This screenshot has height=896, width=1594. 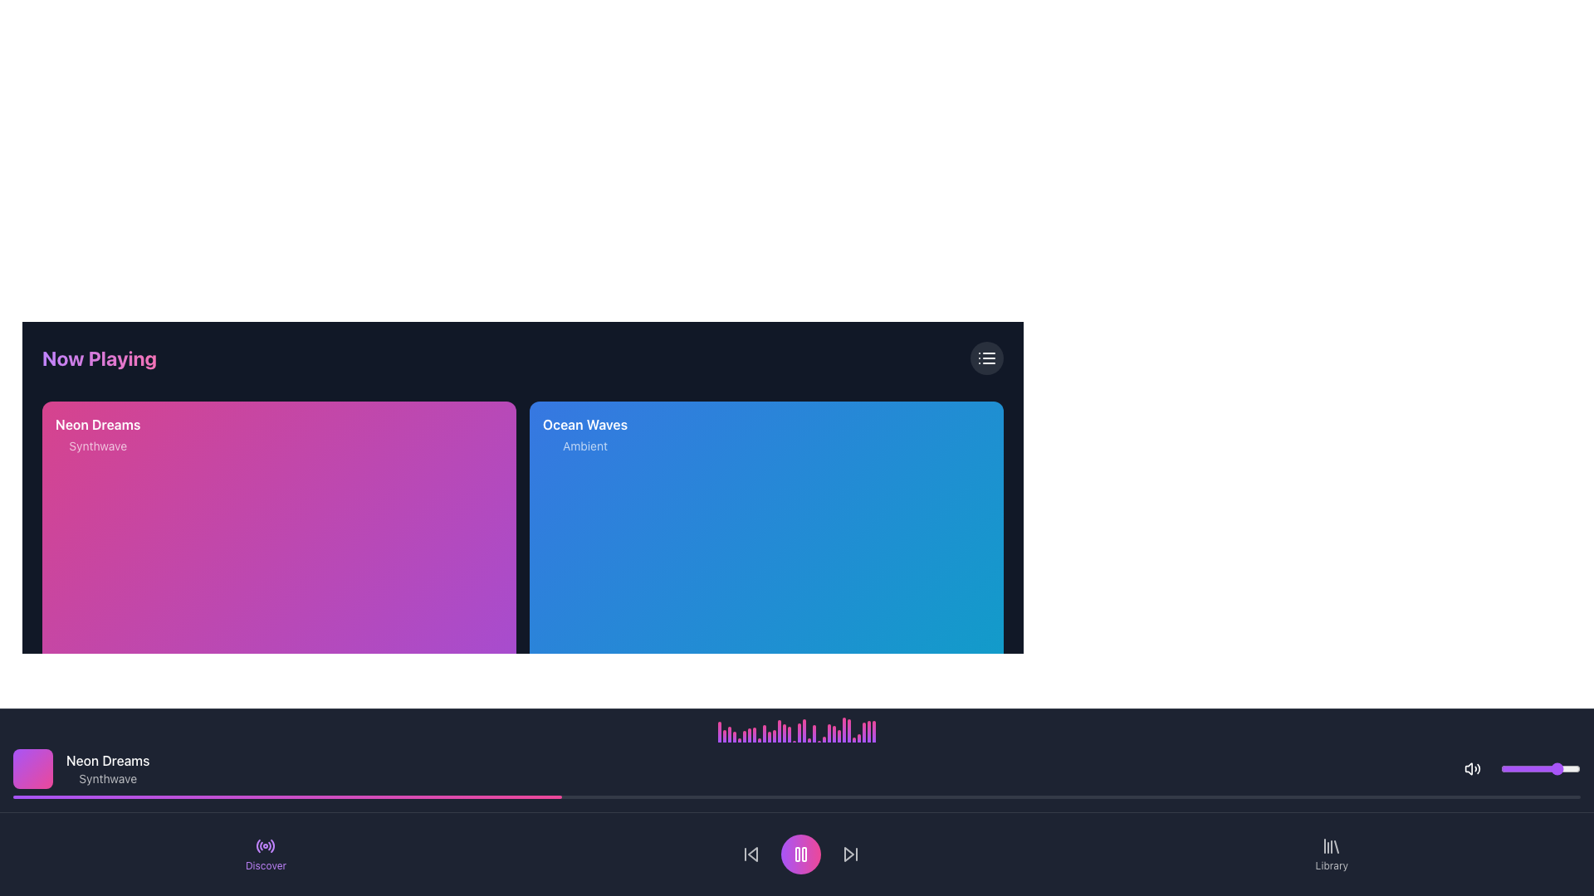 I want to click on the volume, so click(x=1533, y=768).